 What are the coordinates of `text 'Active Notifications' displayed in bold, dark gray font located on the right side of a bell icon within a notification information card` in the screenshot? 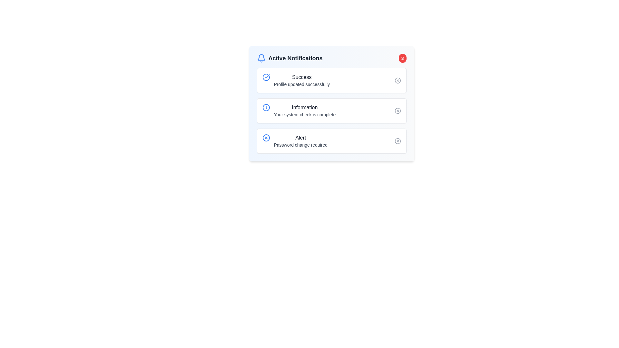 It's located at (295, 58).